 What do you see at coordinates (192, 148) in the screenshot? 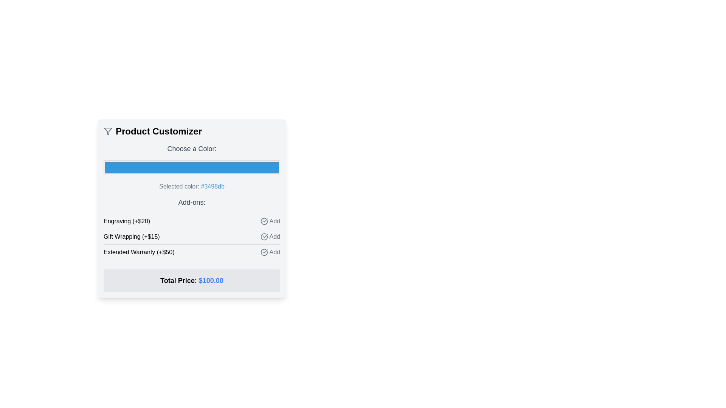
I see `the descriptive label indicating the 'Choose a Color' section, which is positioned above the color selection box` at bounding box center [192, 148].